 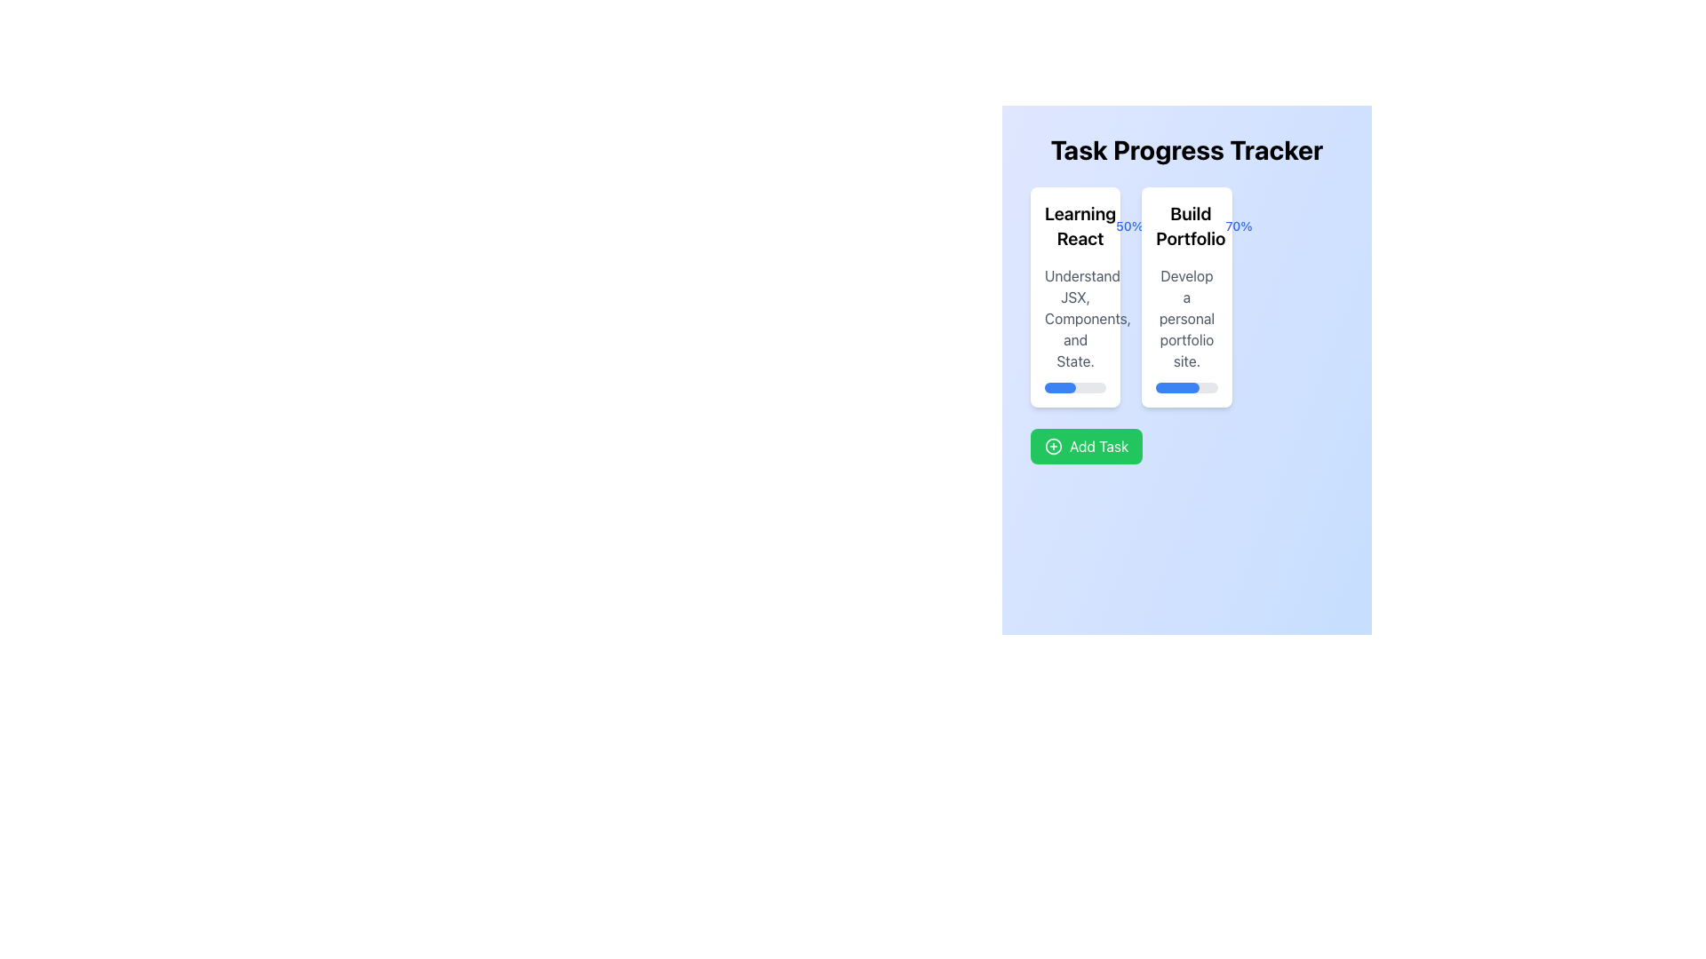 I want to click on the progress indicated by the blue progress bar within the 'Build Portfolio' task card, which visually represents 70% completion, so click(x=1177, y=386).